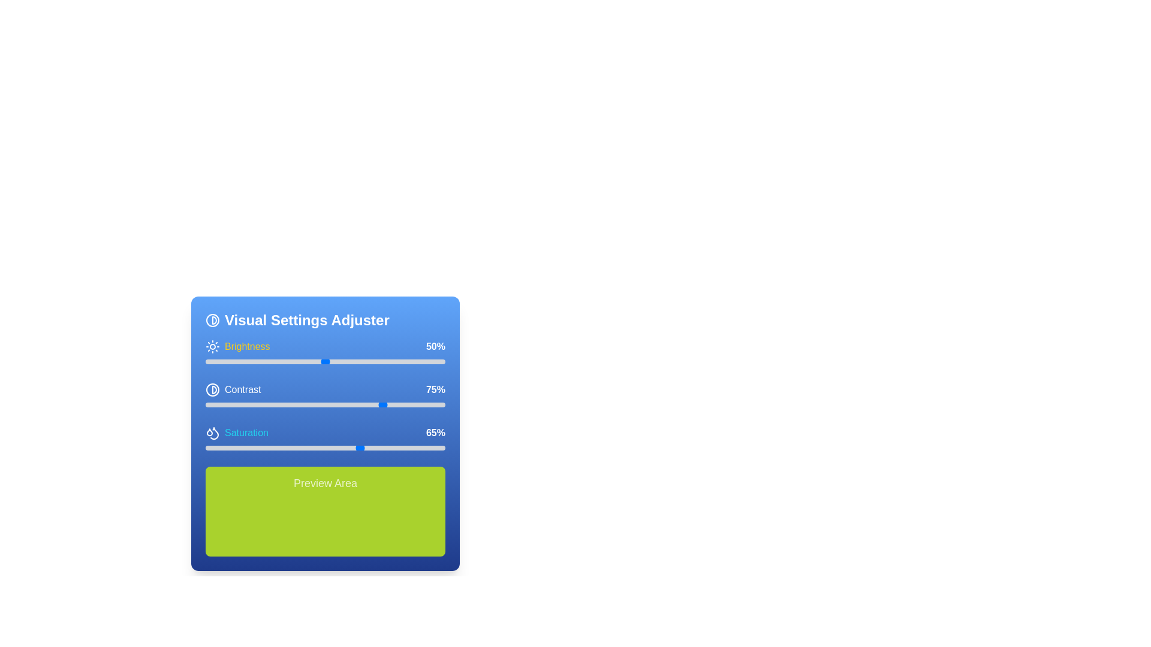  What do you see at coordinates (417, 404) in the screenshot?
I see `the contrast value` at bounding box center [417, 404].